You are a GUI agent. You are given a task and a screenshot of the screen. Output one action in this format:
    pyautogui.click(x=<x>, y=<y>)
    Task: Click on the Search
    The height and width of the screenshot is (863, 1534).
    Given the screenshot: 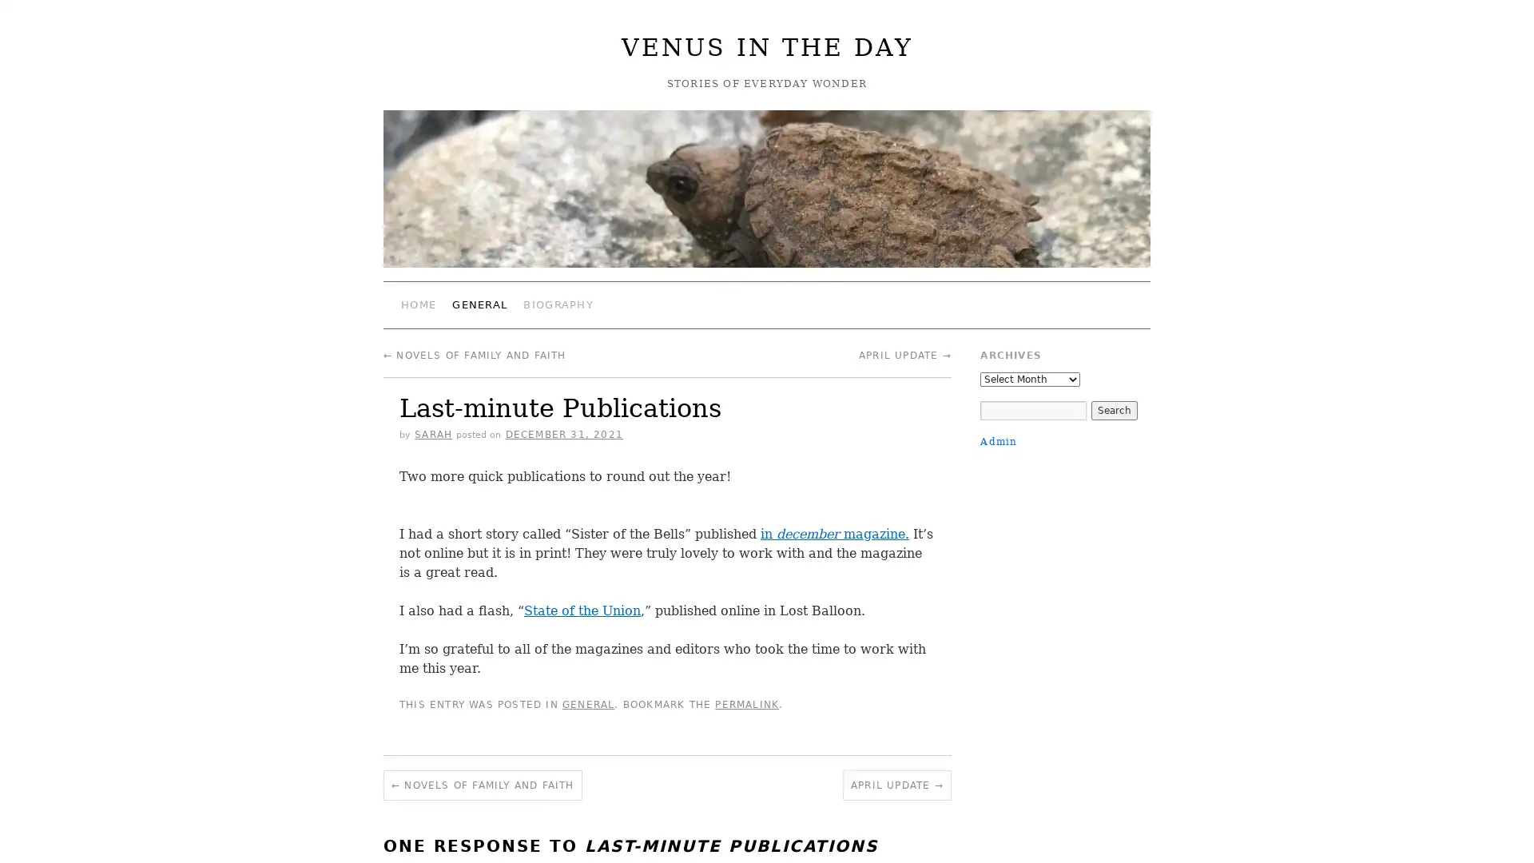 What is the action you would take?
    pyautogui.click(x=1112, y=409)
    